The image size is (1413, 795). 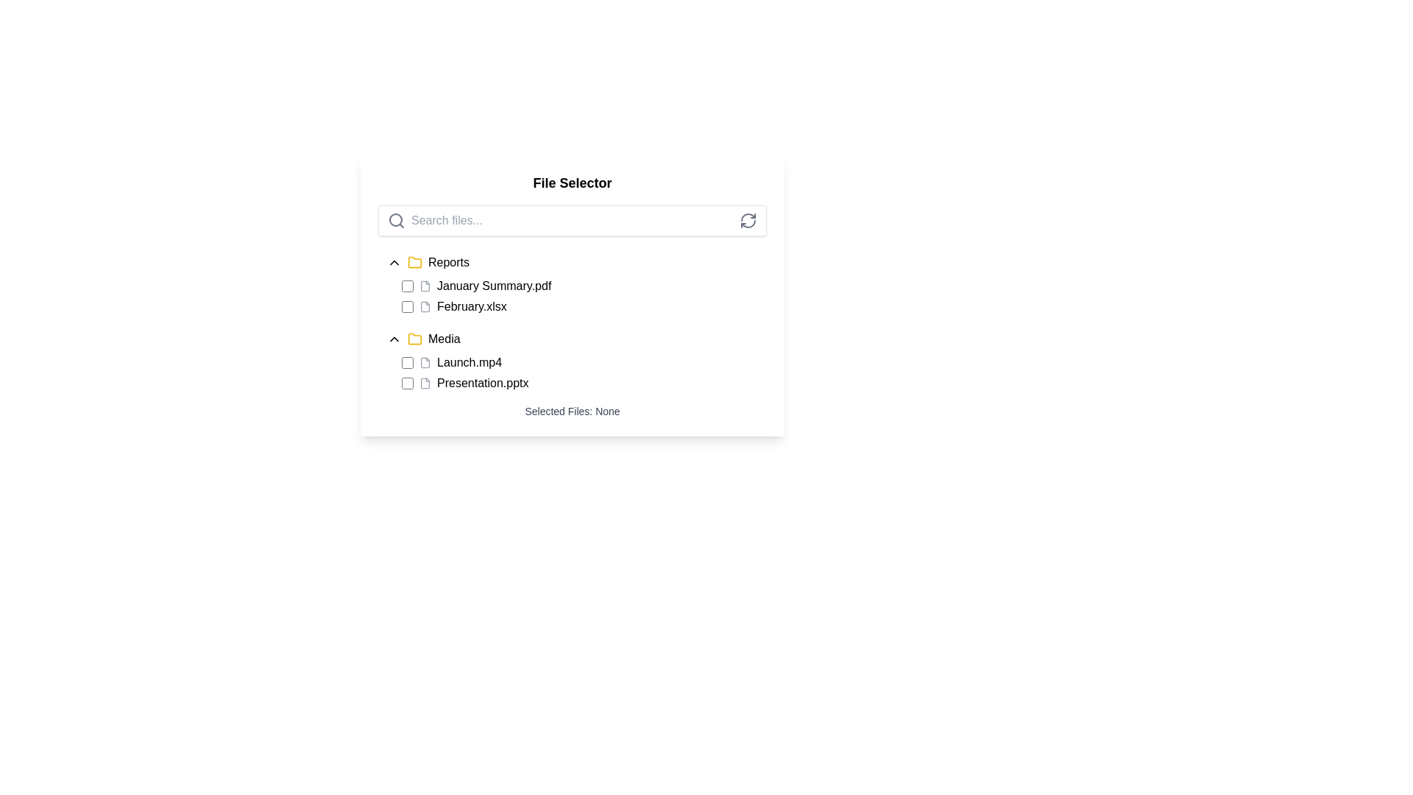 I want to click on the file name 'January Summary.pdf' located in the 'Reports' section, so click(x=583, y=286).